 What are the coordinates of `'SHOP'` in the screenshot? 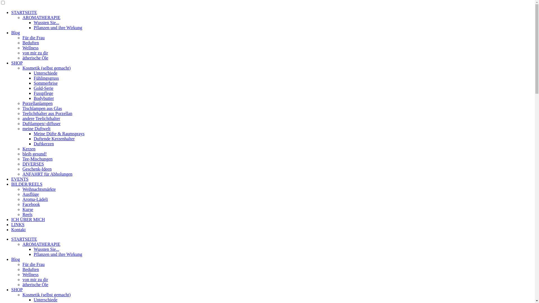 It's located at (17, 290).